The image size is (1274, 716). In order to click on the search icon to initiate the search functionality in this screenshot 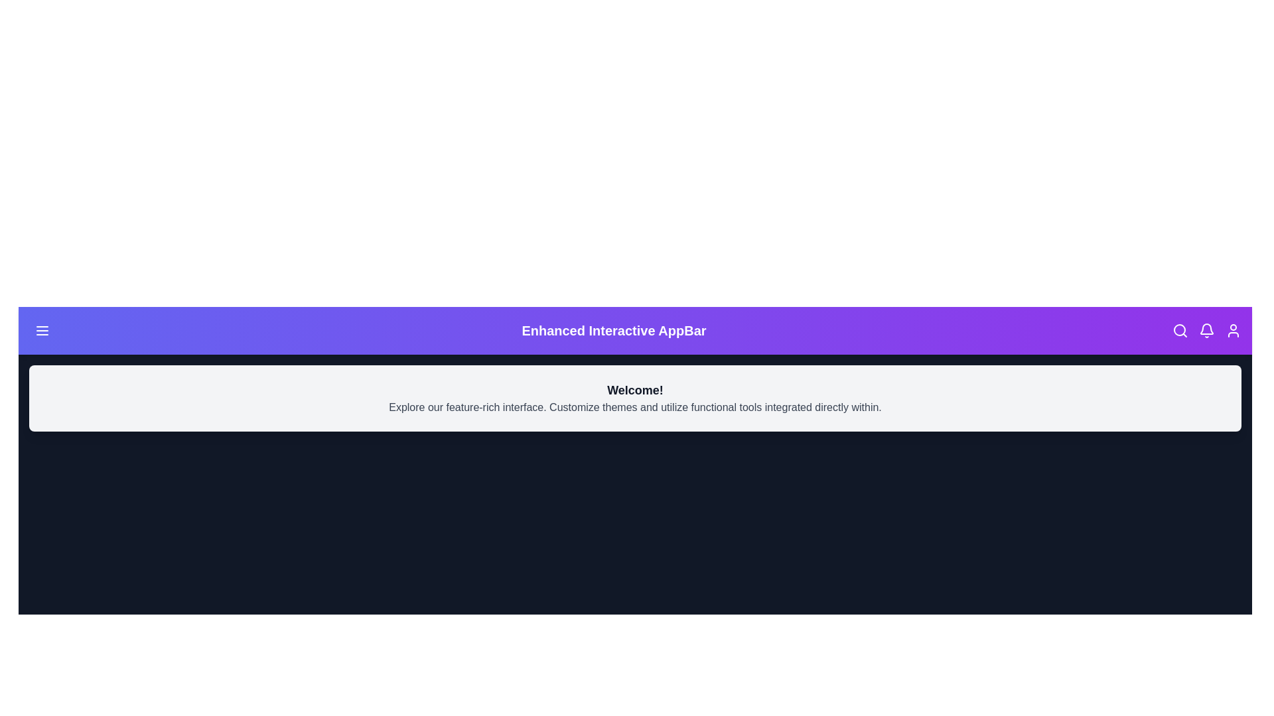, I will do `click(1180, 329)`.